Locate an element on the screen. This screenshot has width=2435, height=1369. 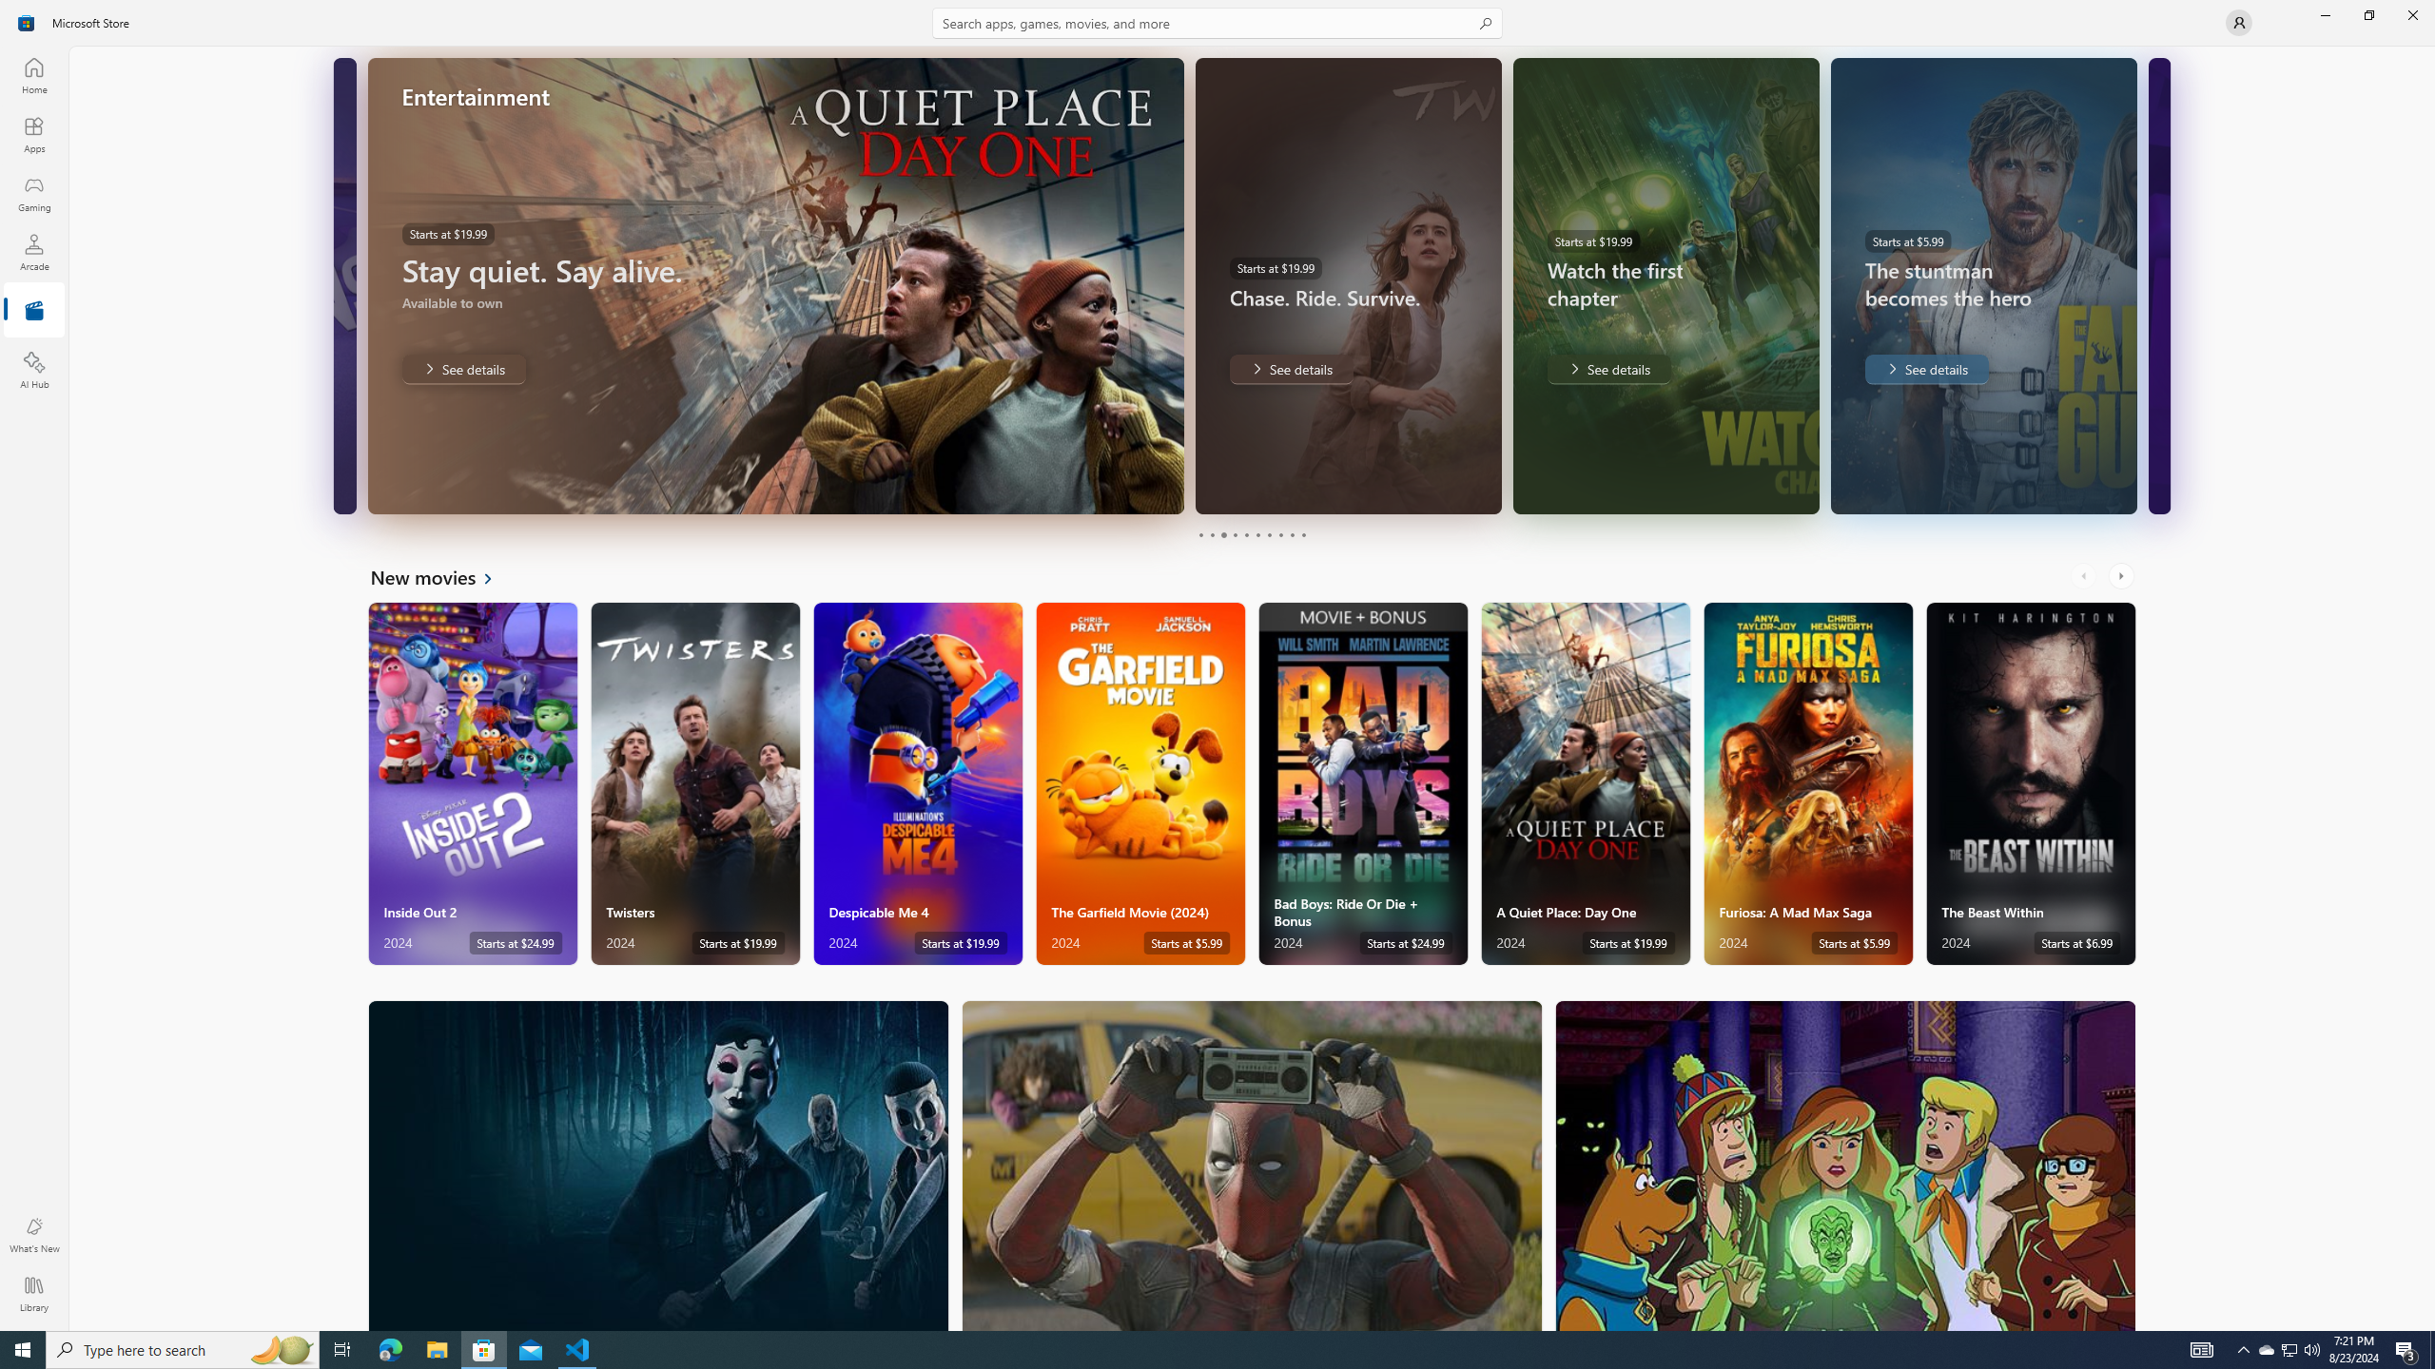
'Gaming' is located at coordinates (32, 192).